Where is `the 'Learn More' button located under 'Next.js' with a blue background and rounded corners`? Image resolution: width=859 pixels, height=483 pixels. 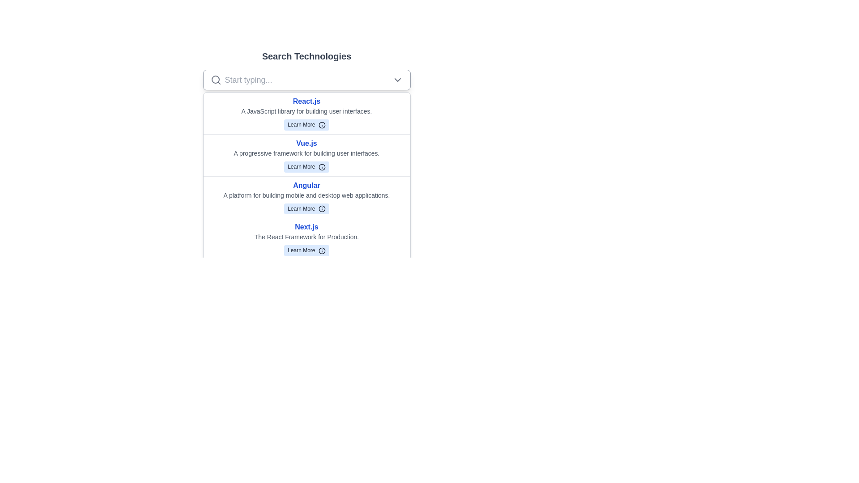
the 'Learn More' button located under 'Next.js' with a blue background and rounded corners is located at coordinates (306, 250).